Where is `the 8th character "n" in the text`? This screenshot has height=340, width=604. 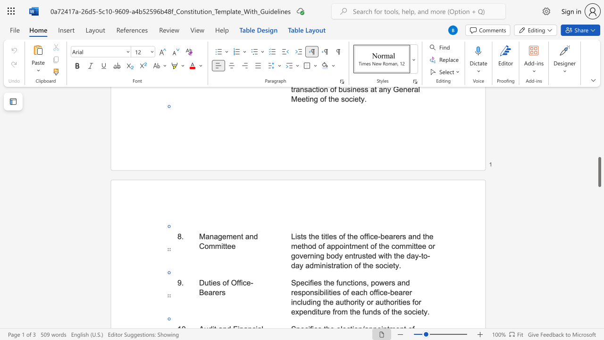
the 8th character "n" in the text is located at coordinates (370, 312).